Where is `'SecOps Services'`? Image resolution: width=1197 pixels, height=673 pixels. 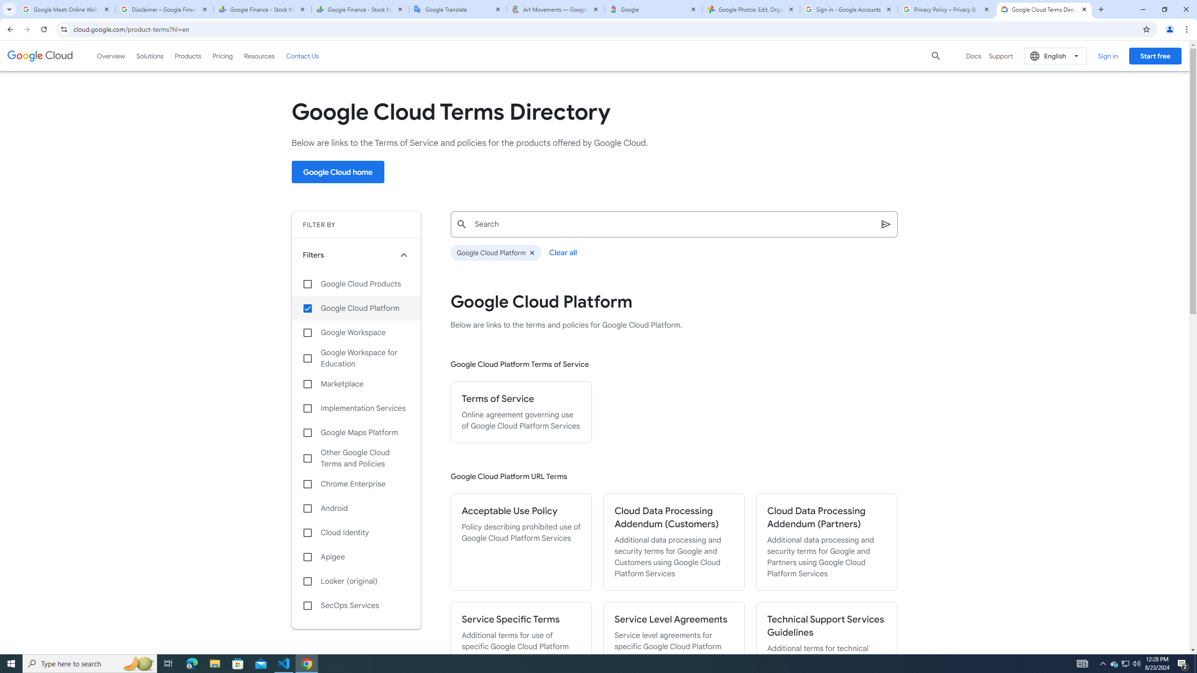 'SecOps Services' is located at coordinates (356, 605).